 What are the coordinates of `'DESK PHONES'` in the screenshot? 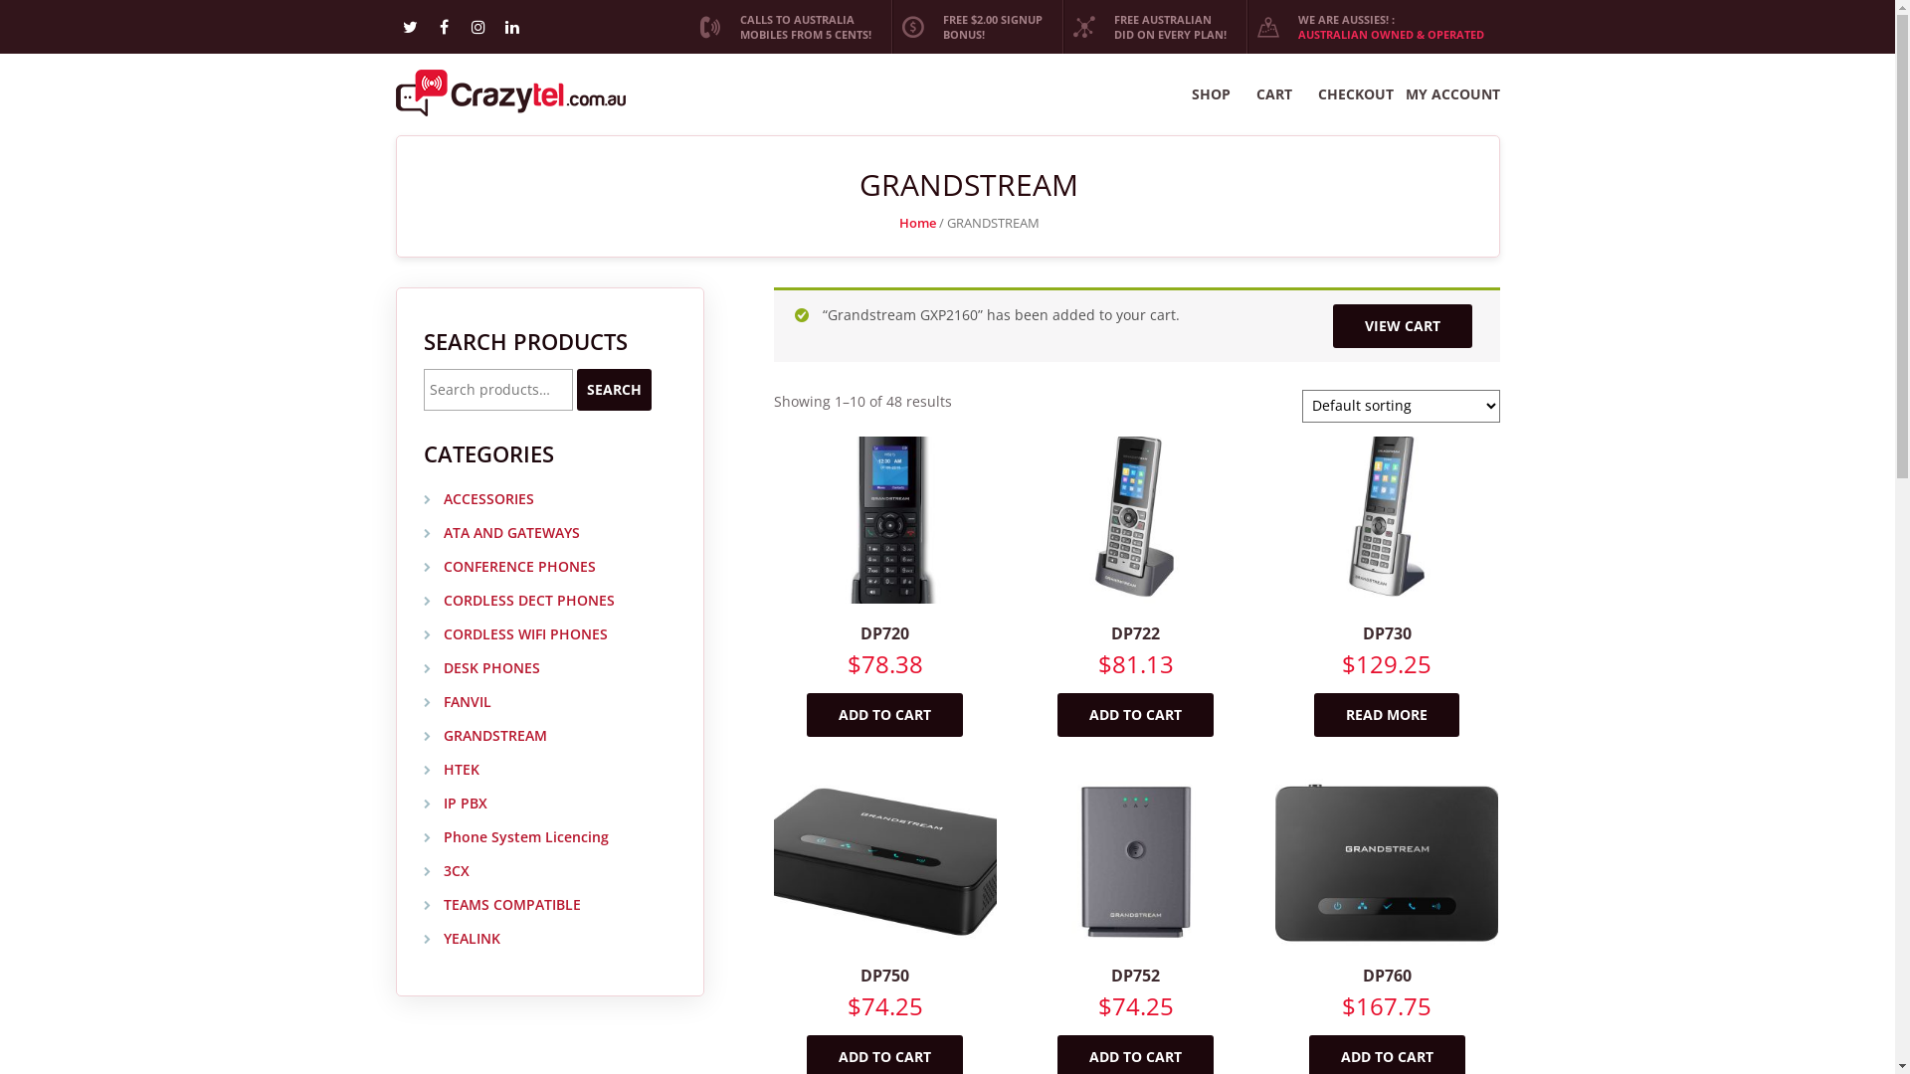 It's located at (481, 668).